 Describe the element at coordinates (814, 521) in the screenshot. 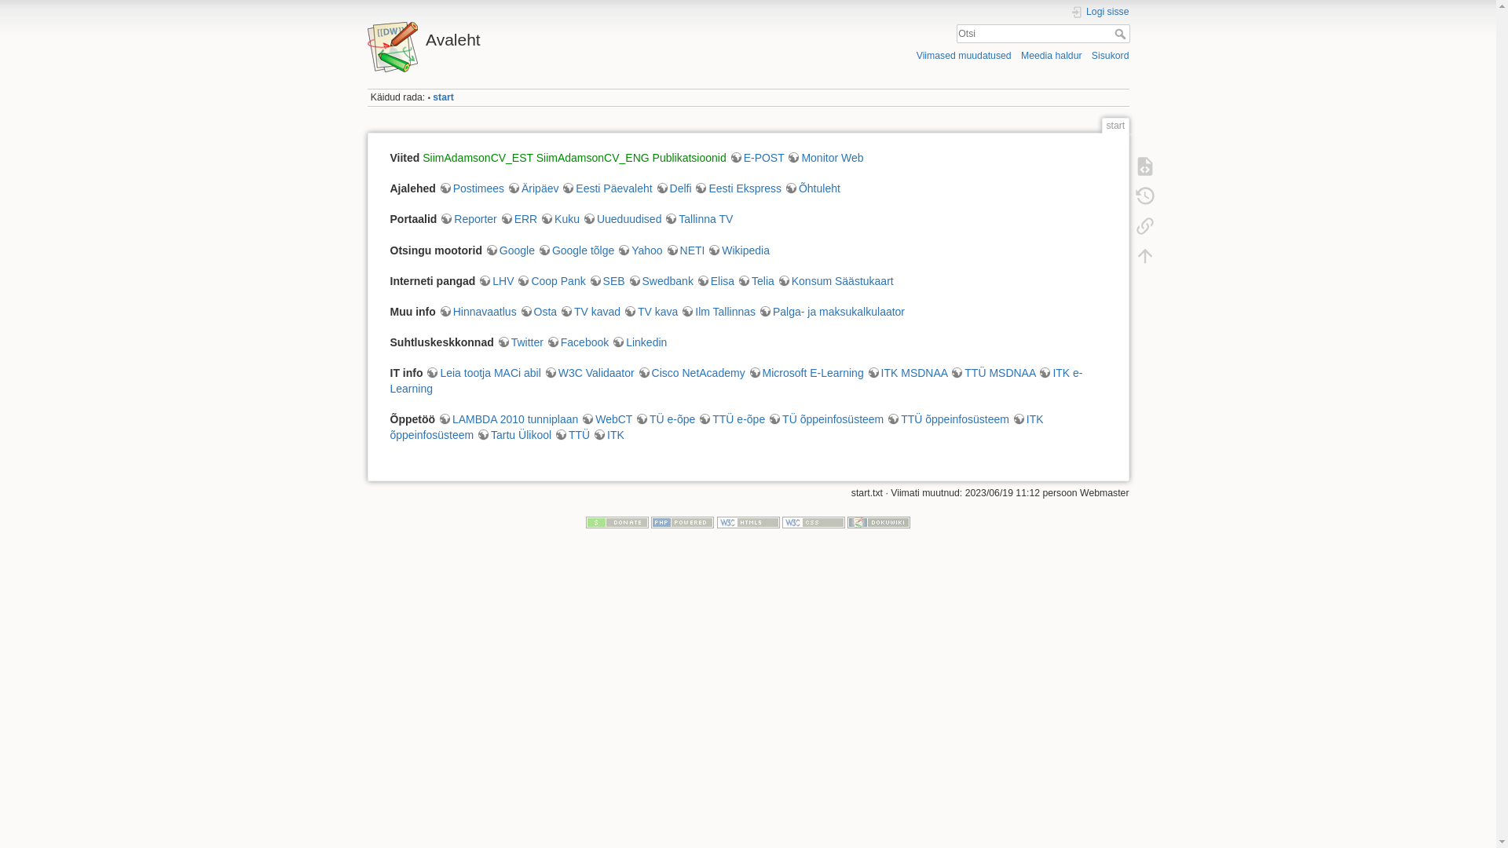

I see `'Valid CSS'` at that location.